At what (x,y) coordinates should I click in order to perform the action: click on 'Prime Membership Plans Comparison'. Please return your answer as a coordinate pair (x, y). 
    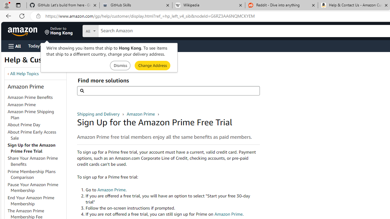
    Looking at the image, I should click on (36, 174).